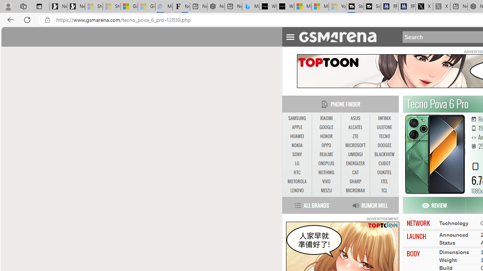 The height and width of the screenshot is (271, 483). Describe the element at coordinates (355, 172) in the screenshot. I see `'CAT'` at that location.